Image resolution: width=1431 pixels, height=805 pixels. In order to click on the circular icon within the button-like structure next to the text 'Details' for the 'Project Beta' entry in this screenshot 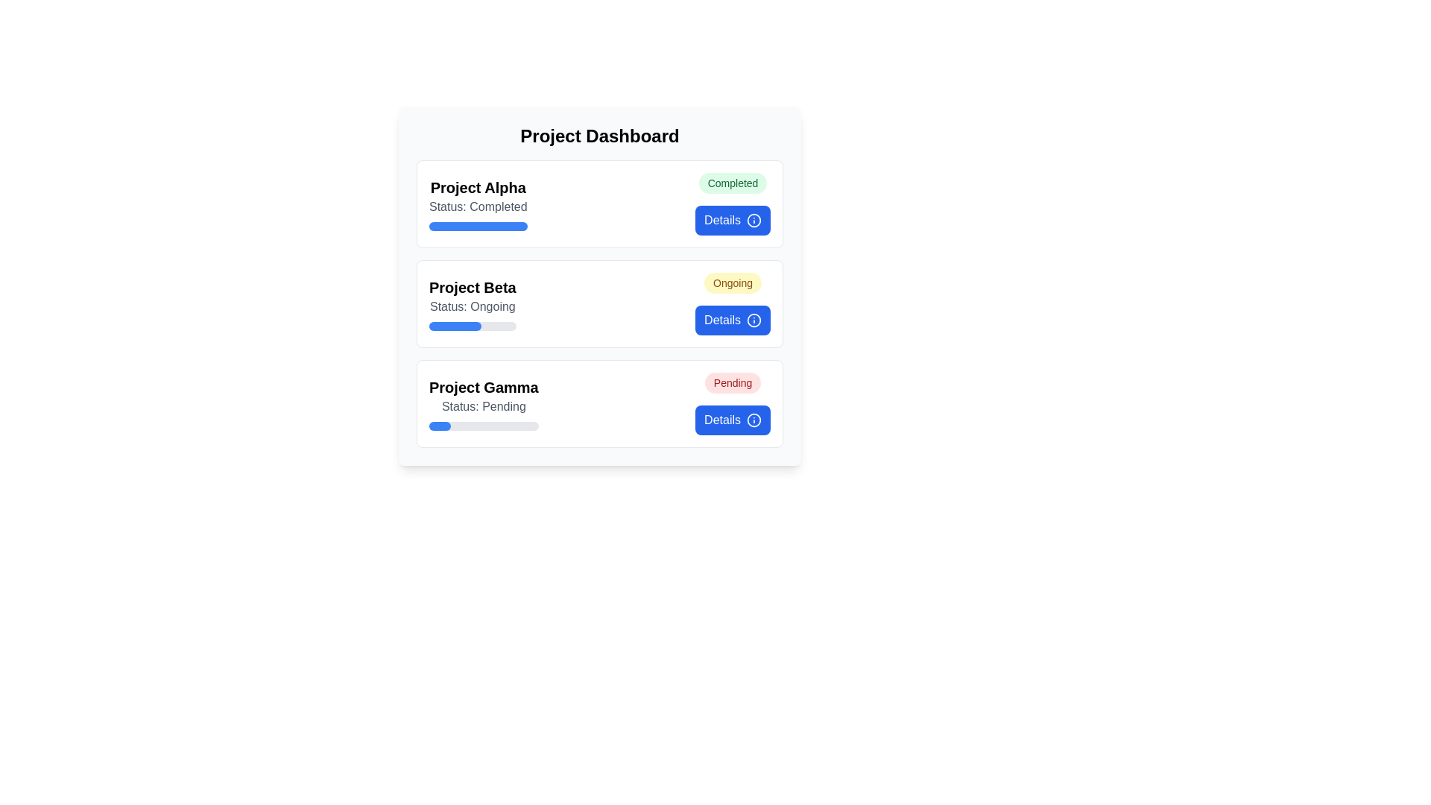, I will do `click(754, 319)`.